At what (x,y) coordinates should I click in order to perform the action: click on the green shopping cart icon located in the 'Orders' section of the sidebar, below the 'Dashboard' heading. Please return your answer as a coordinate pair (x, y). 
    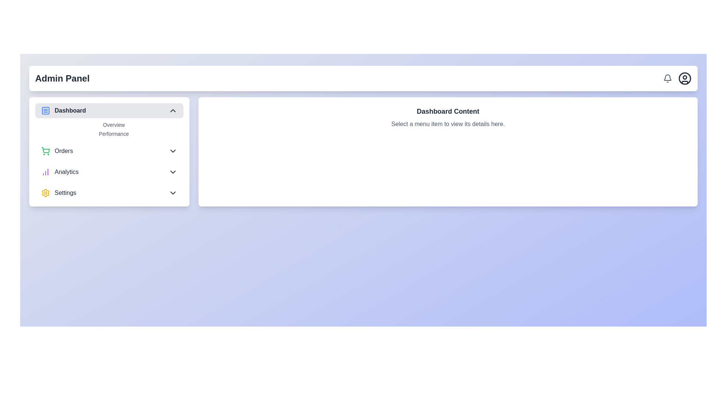
    Looking at the image, I should click on (45, 150).